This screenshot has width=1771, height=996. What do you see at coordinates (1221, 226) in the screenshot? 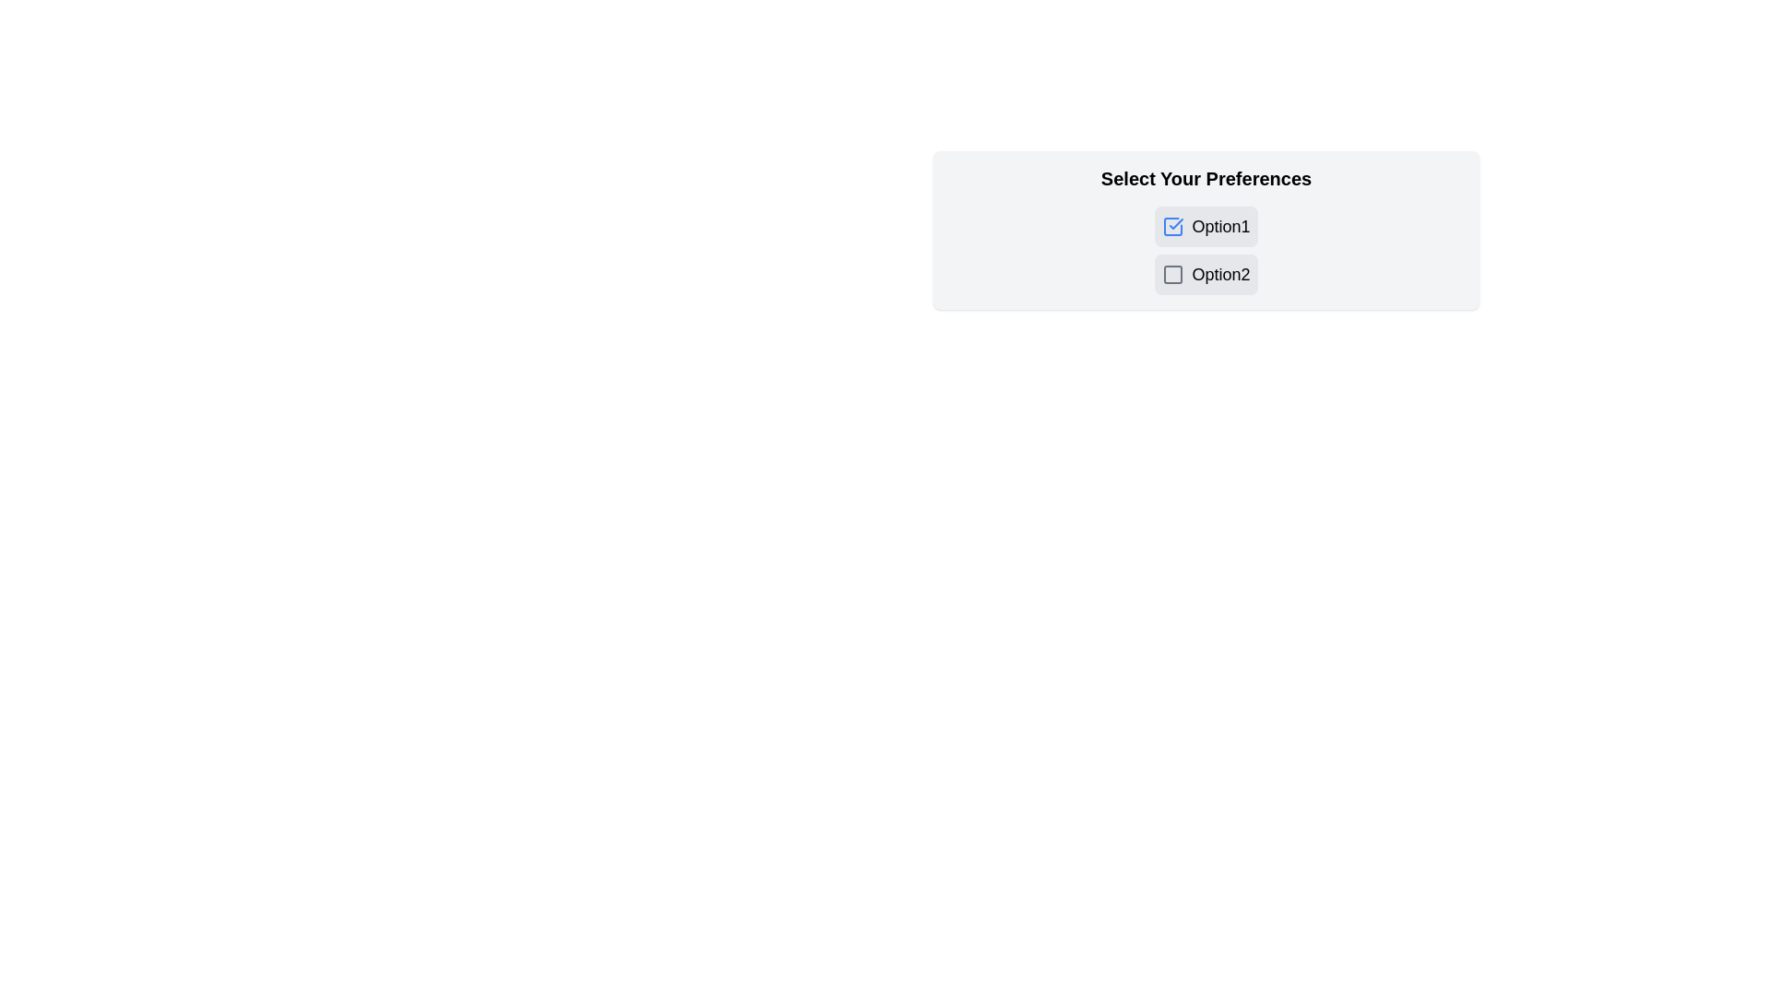
I see `the text label displaying 'Option1', which is styled with a larger font size and located to the right of a blue checked checkbox under the heading 'Select Your Preferences'` at bounding box center [1221, 226].